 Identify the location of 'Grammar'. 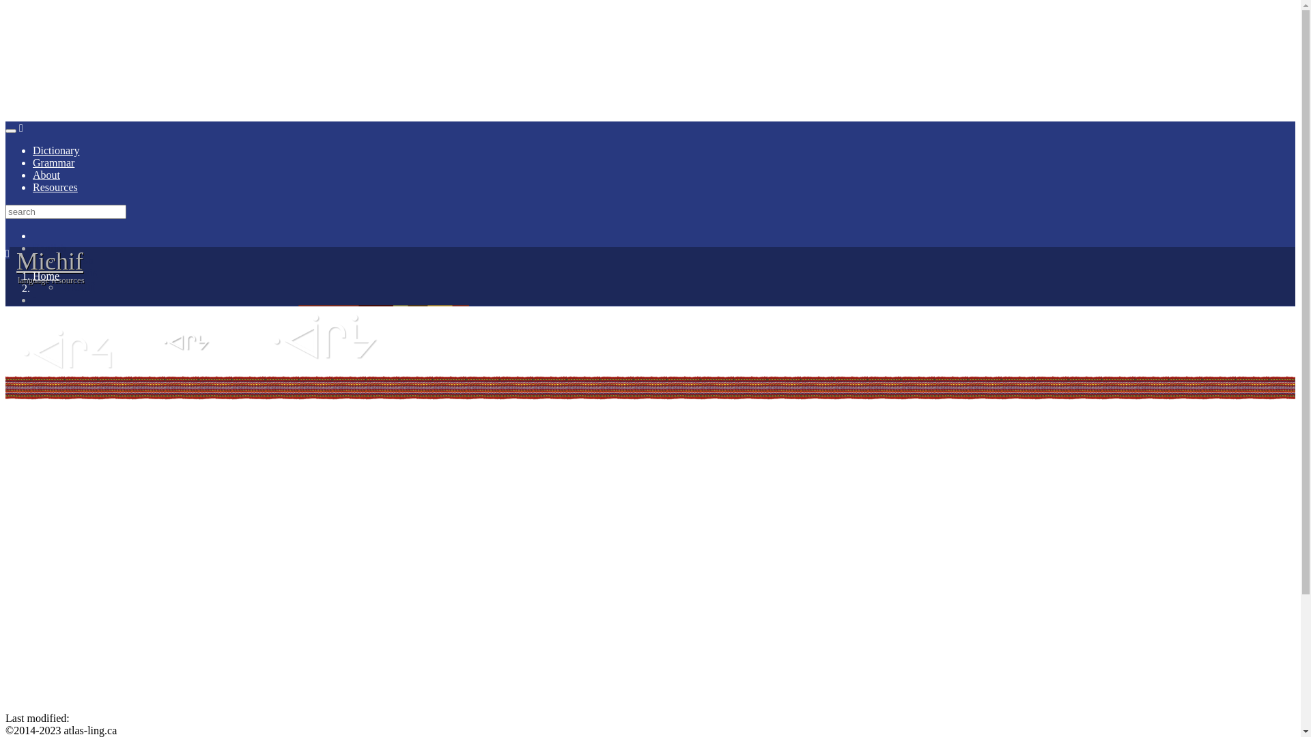
(53, 162).